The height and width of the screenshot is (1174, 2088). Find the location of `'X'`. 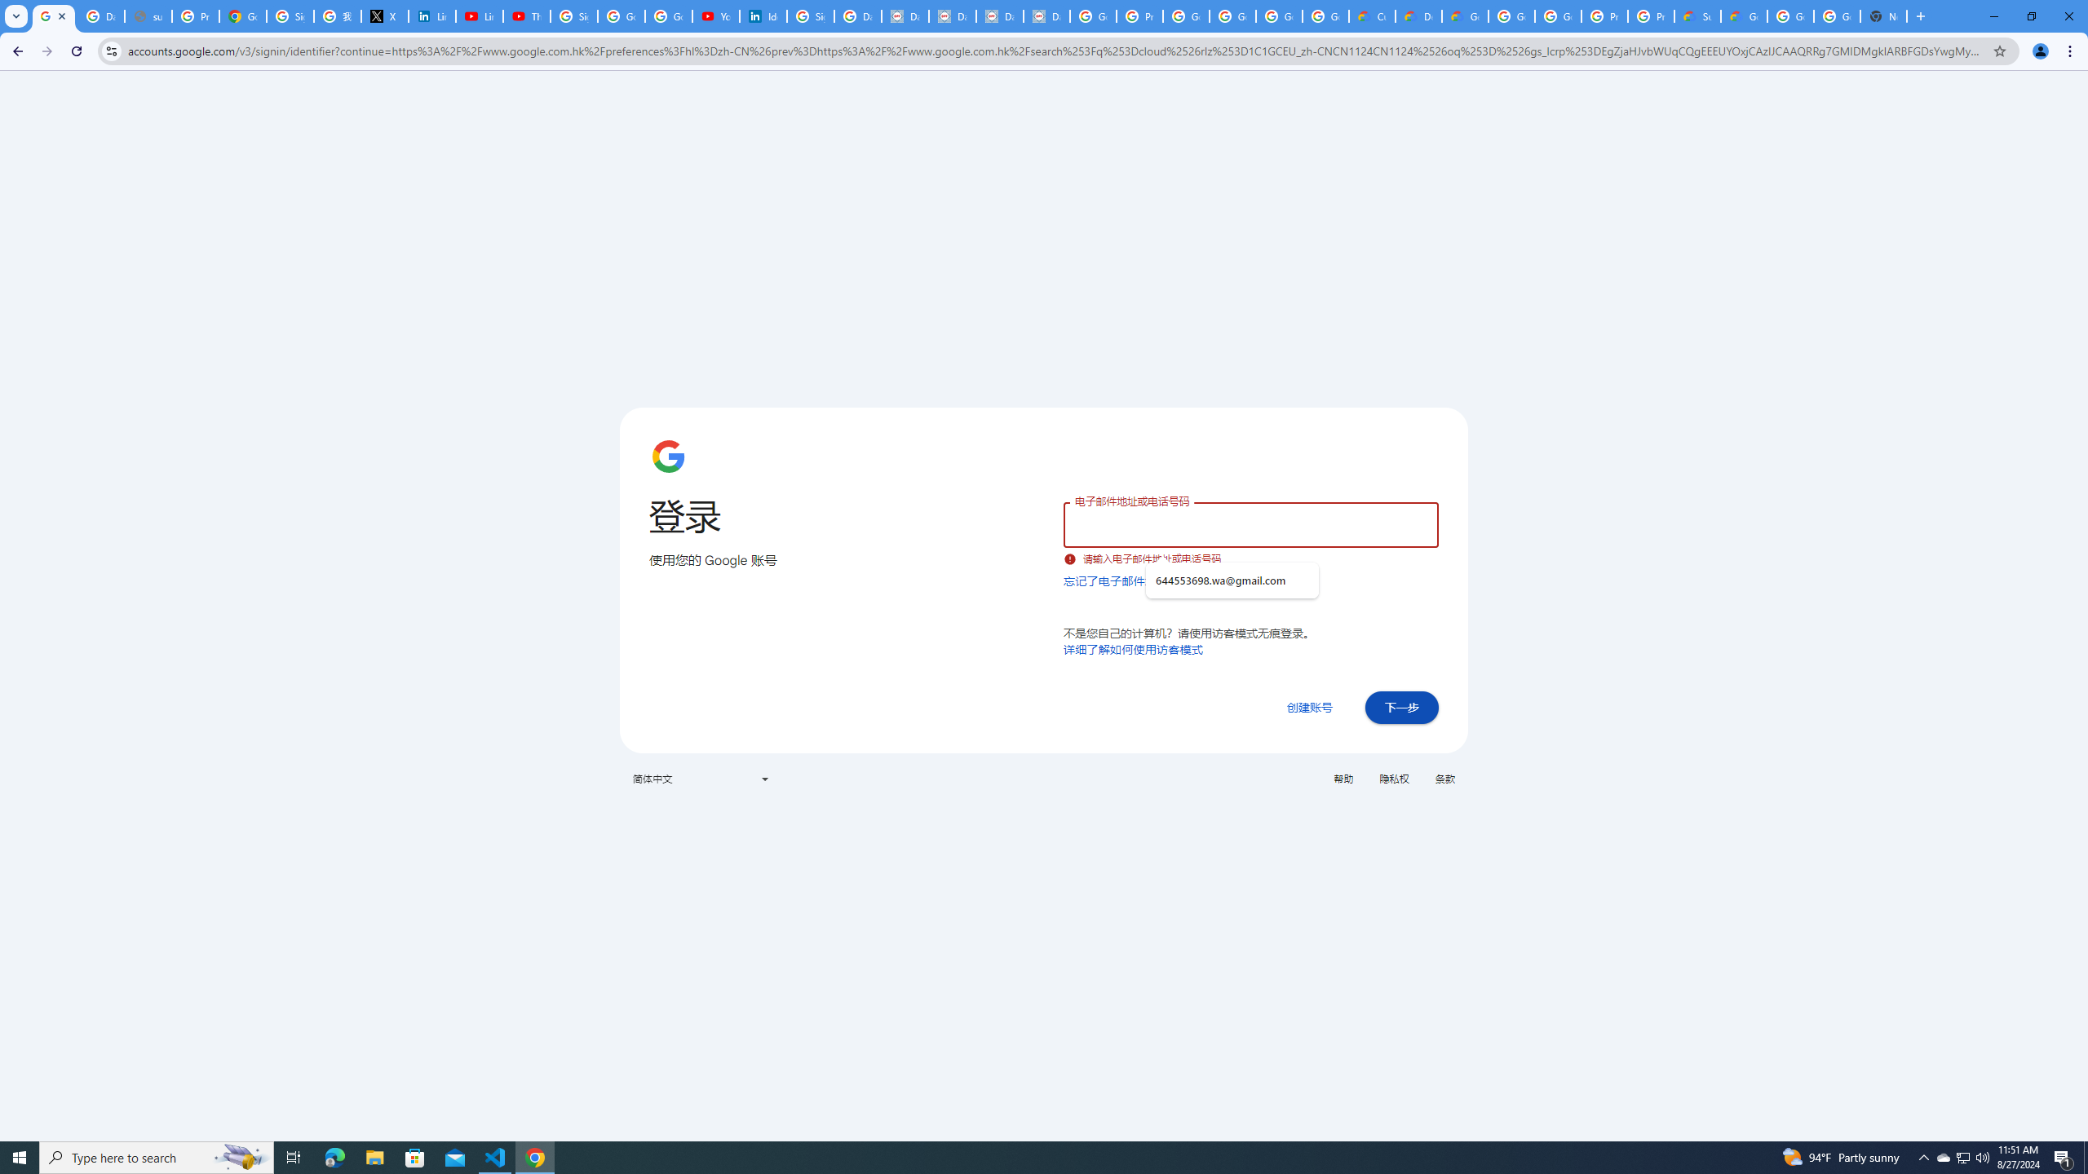

'X' is located at coordinates (385, 15).